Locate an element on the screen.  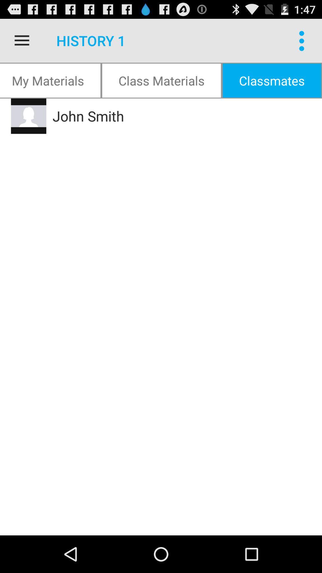
icon next to history 1 is located at coordinates (21, 40).